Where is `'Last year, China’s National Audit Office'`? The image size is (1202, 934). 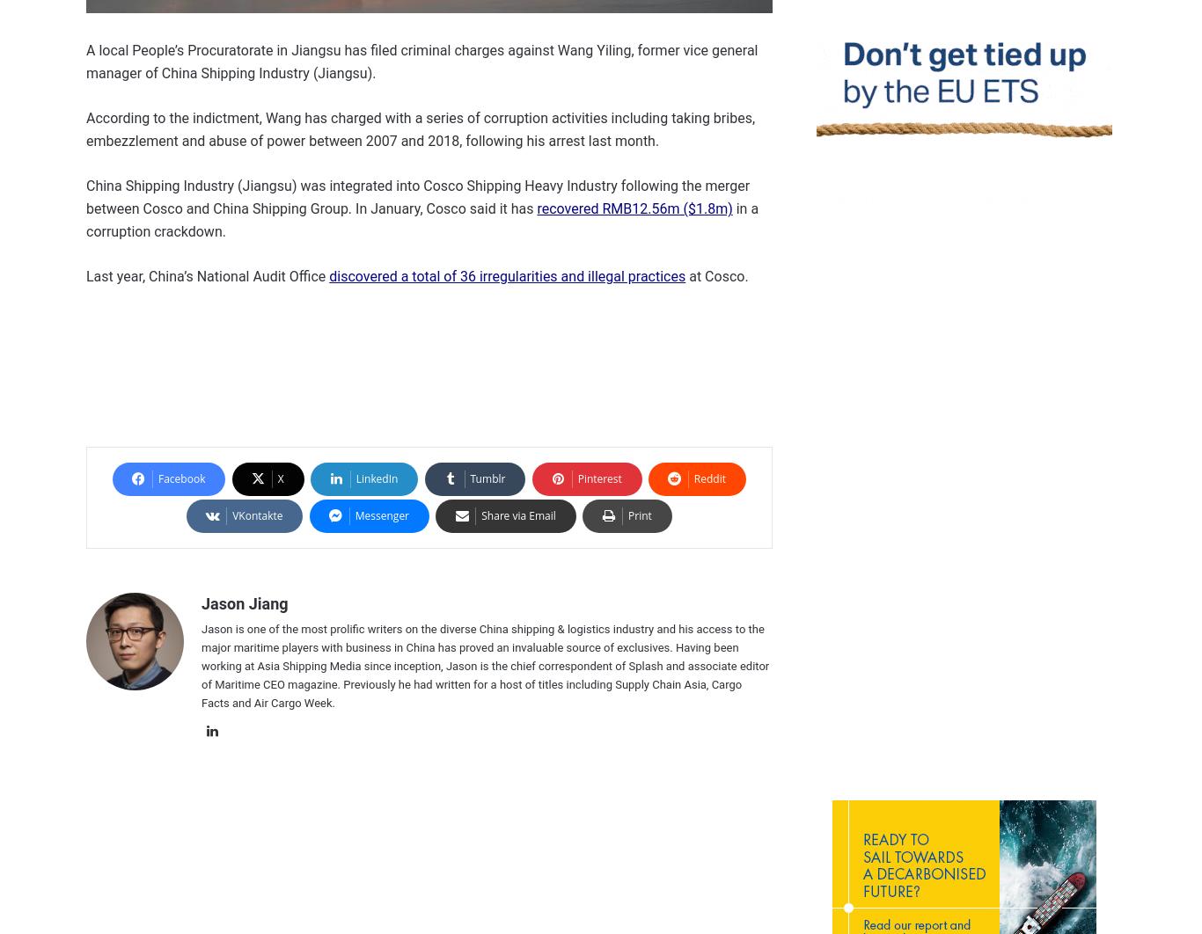 'Last year, China’s National Audit Office' is located at coordinates (208, 275).